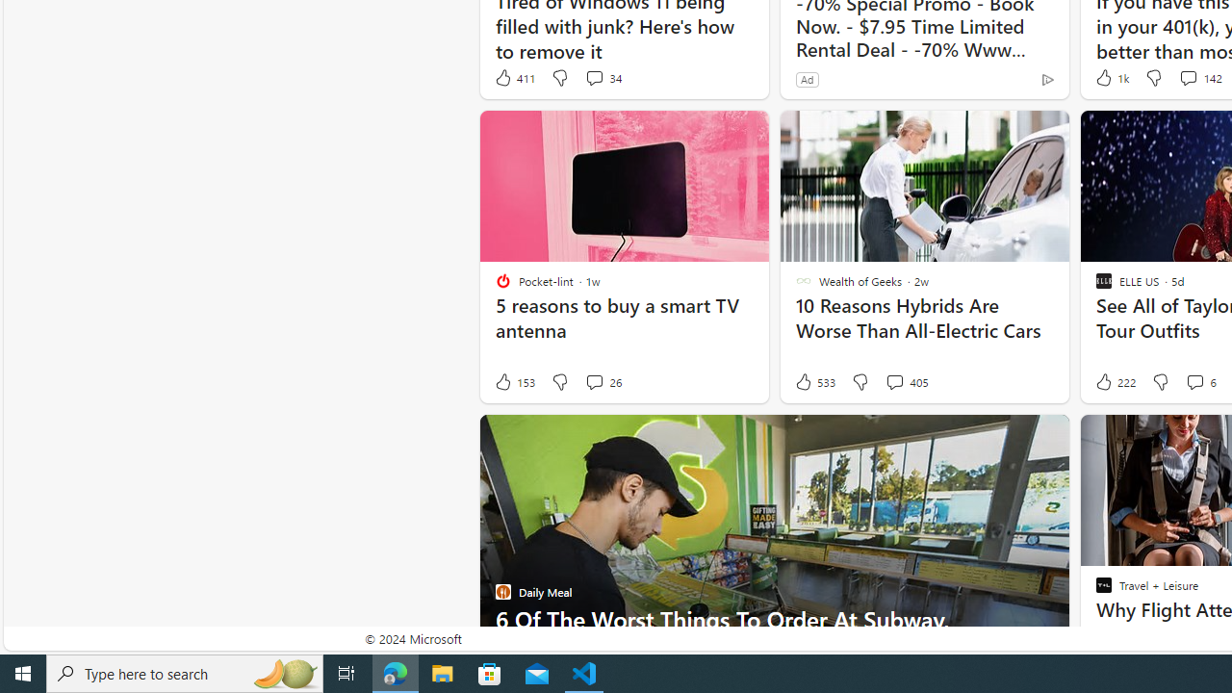  Describe the element at coordinates (893, 382) in the screenshot. I see `'View comments 405 Comment'` at that location.